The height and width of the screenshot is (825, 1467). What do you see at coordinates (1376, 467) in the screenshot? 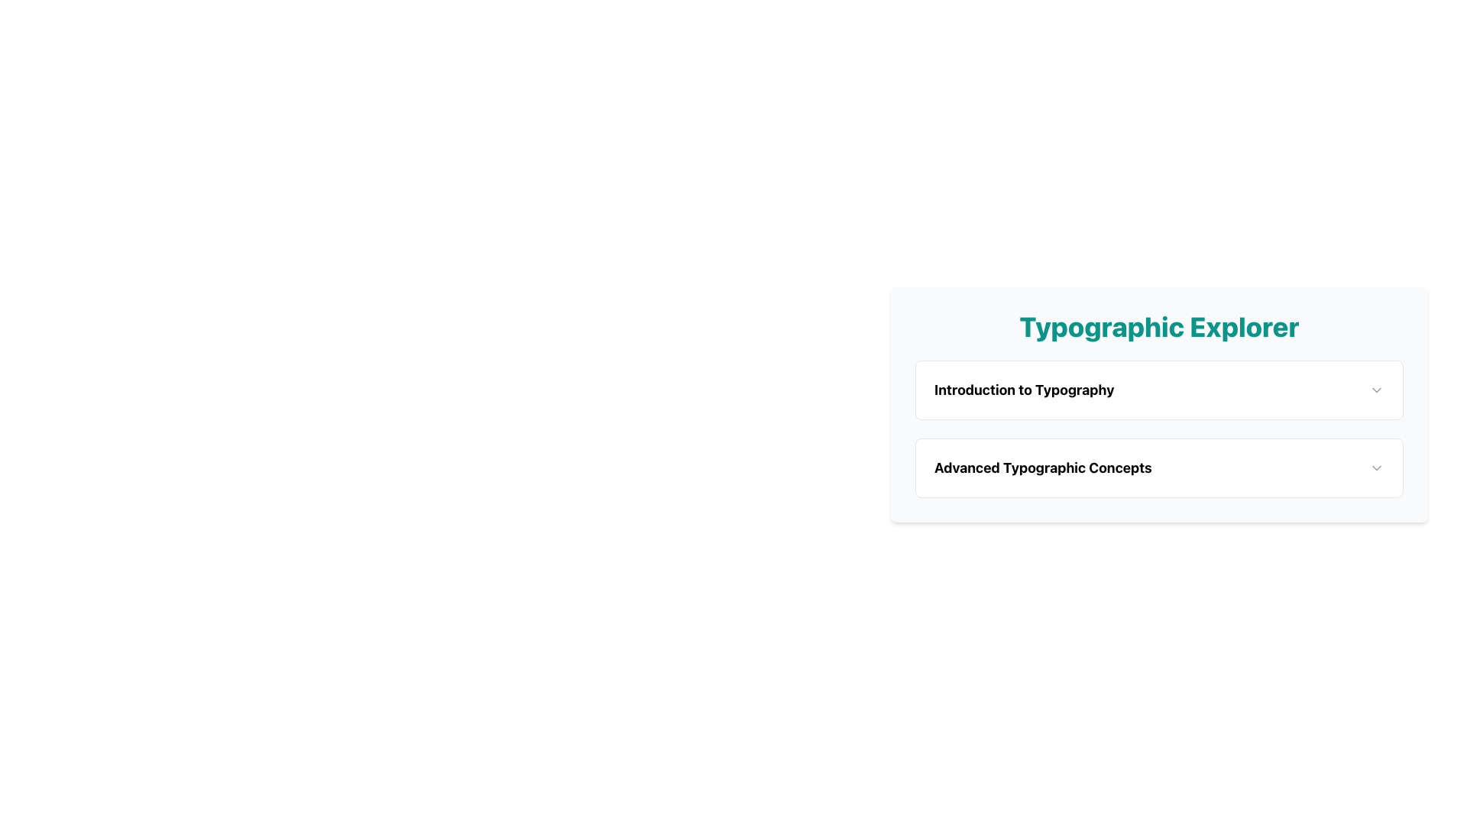
I see `the downward-pointing chevron icon located to the right of 'Advanced Typographic Concepts' for potential visual feedback` at bounding box center [1376, 467].